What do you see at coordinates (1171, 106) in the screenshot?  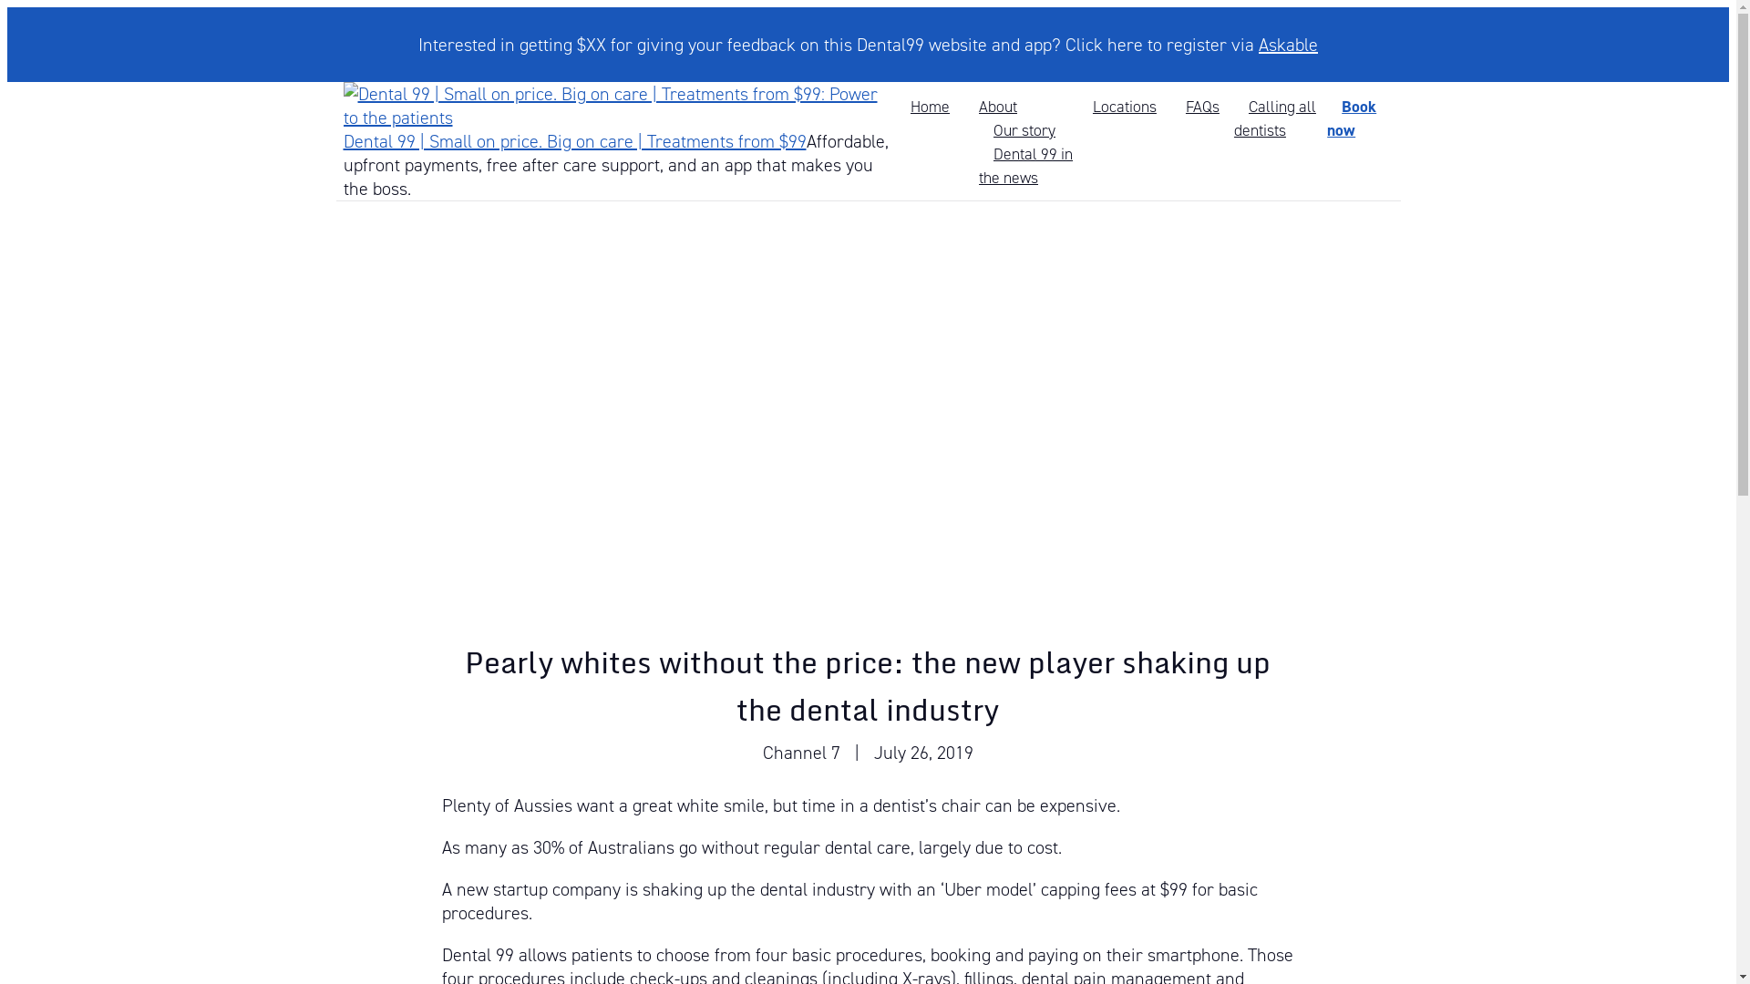 I see `'FAQs'` at bounding box center [1171, 106].